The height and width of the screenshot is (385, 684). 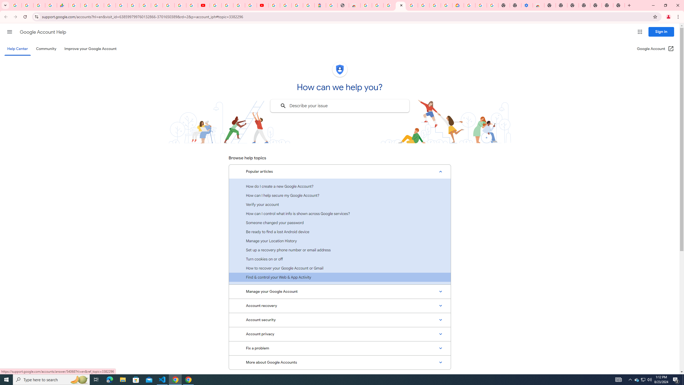 What do you see at coordinates (340, 231) in the screenshot?
I see `'Be ready to find a lost Android device'` at bounding box center [340, 231].